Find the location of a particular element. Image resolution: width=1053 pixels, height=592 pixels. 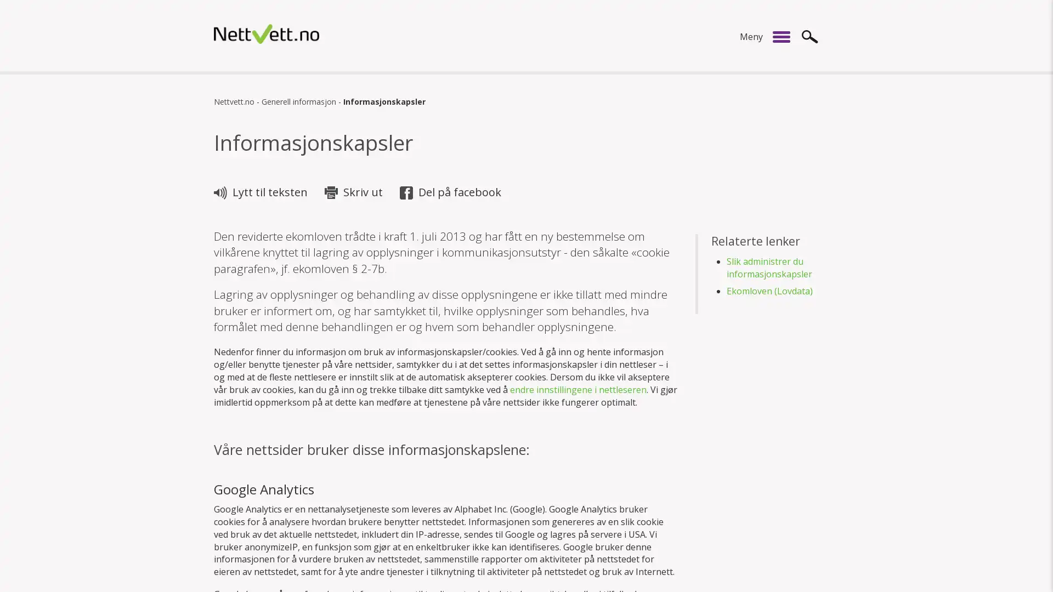

Sk is located at coordinates (810, 36).